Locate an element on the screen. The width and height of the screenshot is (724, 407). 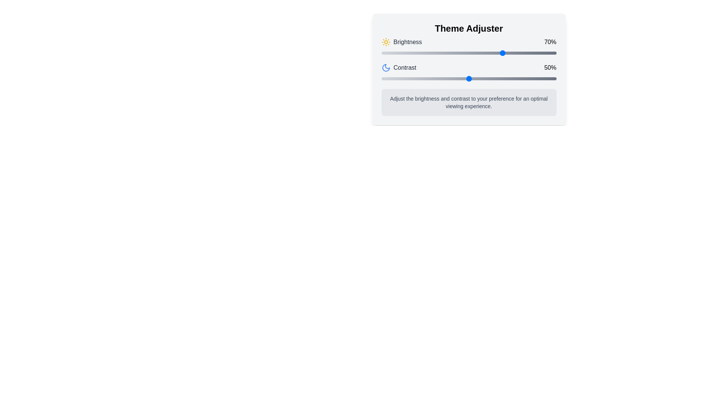
contrast is located at coordinates (537, 78).